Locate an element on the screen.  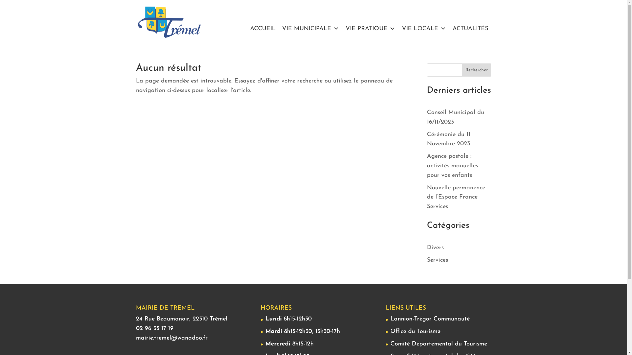
'Office du Tourisme' is located at coordinates (415, 331).